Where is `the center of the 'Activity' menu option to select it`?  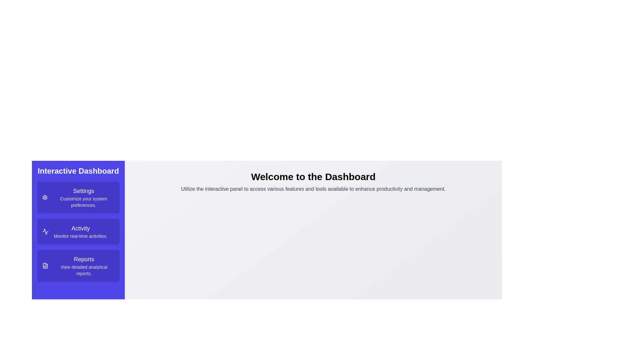 the center of the 'Activity' menu option to select it is located at coordinates (78, 231).